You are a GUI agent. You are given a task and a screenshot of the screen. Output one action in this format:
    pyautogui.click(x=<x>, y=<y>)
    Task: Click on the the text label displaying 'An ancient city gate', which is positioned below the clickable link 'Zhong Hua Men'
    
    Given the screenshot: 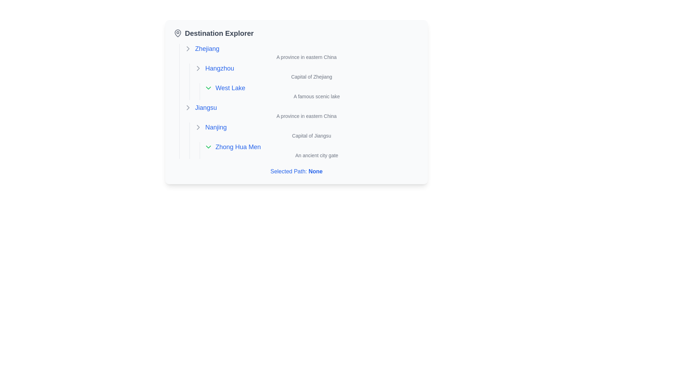 What is the action you would take?
    pyautogui.click(x=311, y=155)
    